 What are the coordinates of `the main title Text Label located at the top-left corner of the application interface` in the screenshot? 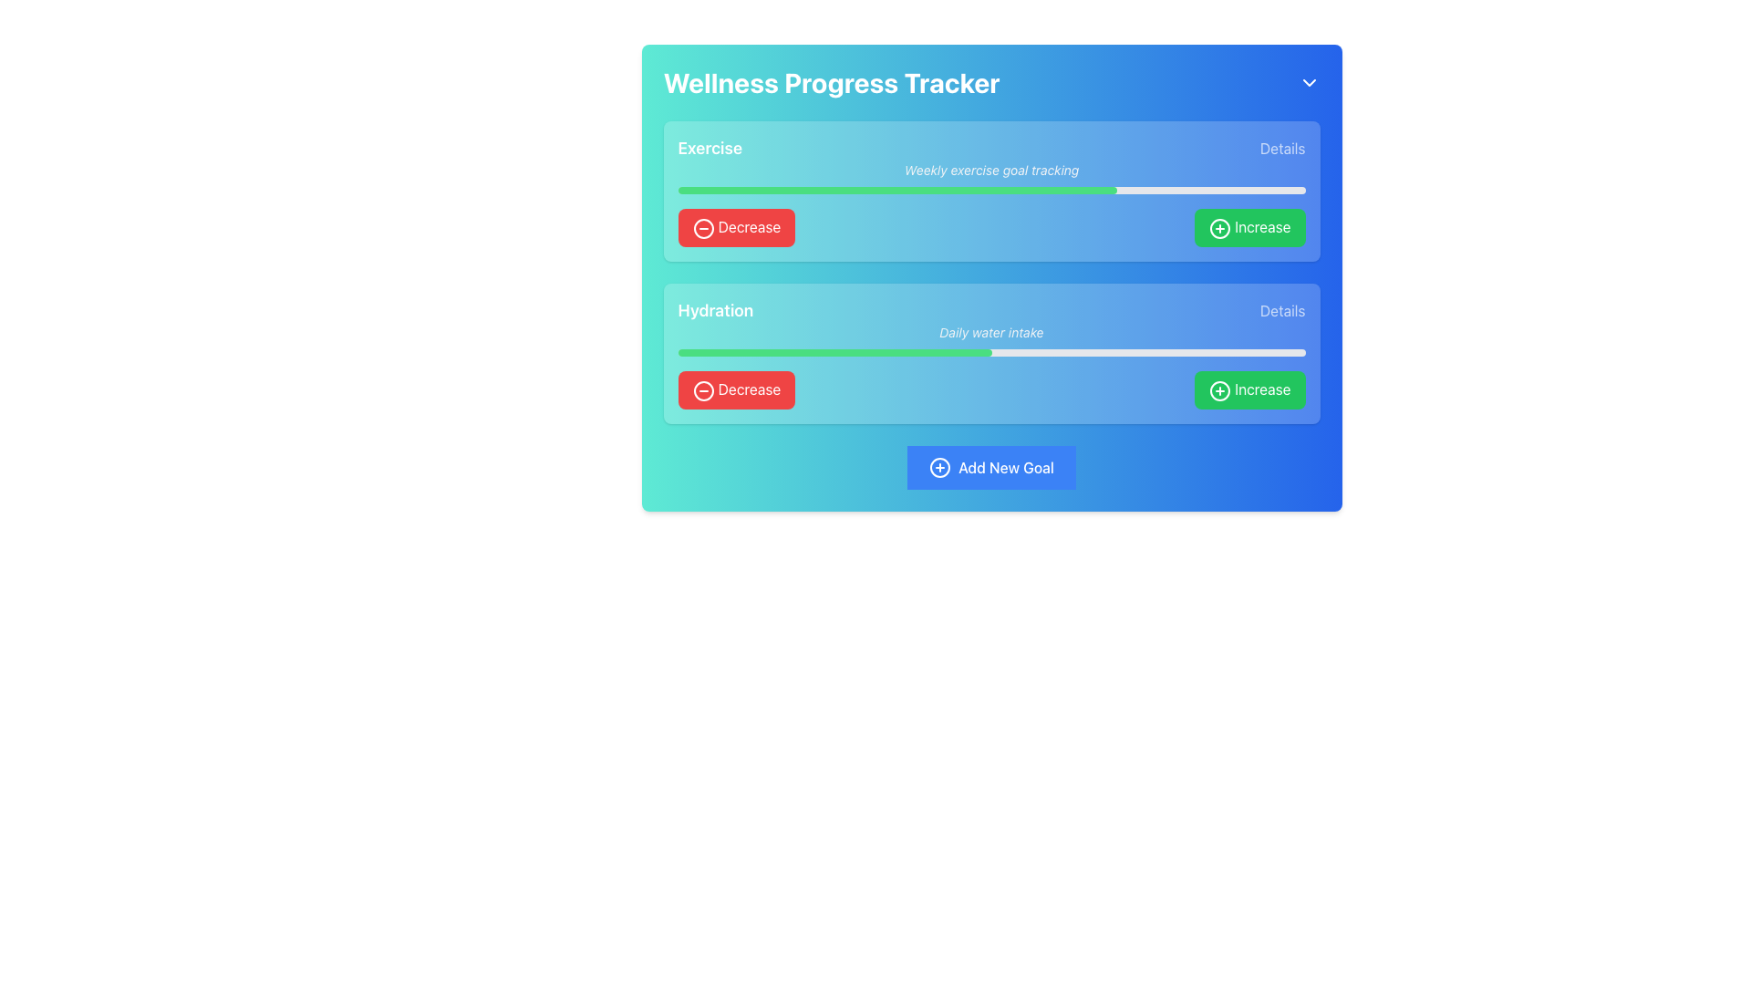 It's located at (831, 83).